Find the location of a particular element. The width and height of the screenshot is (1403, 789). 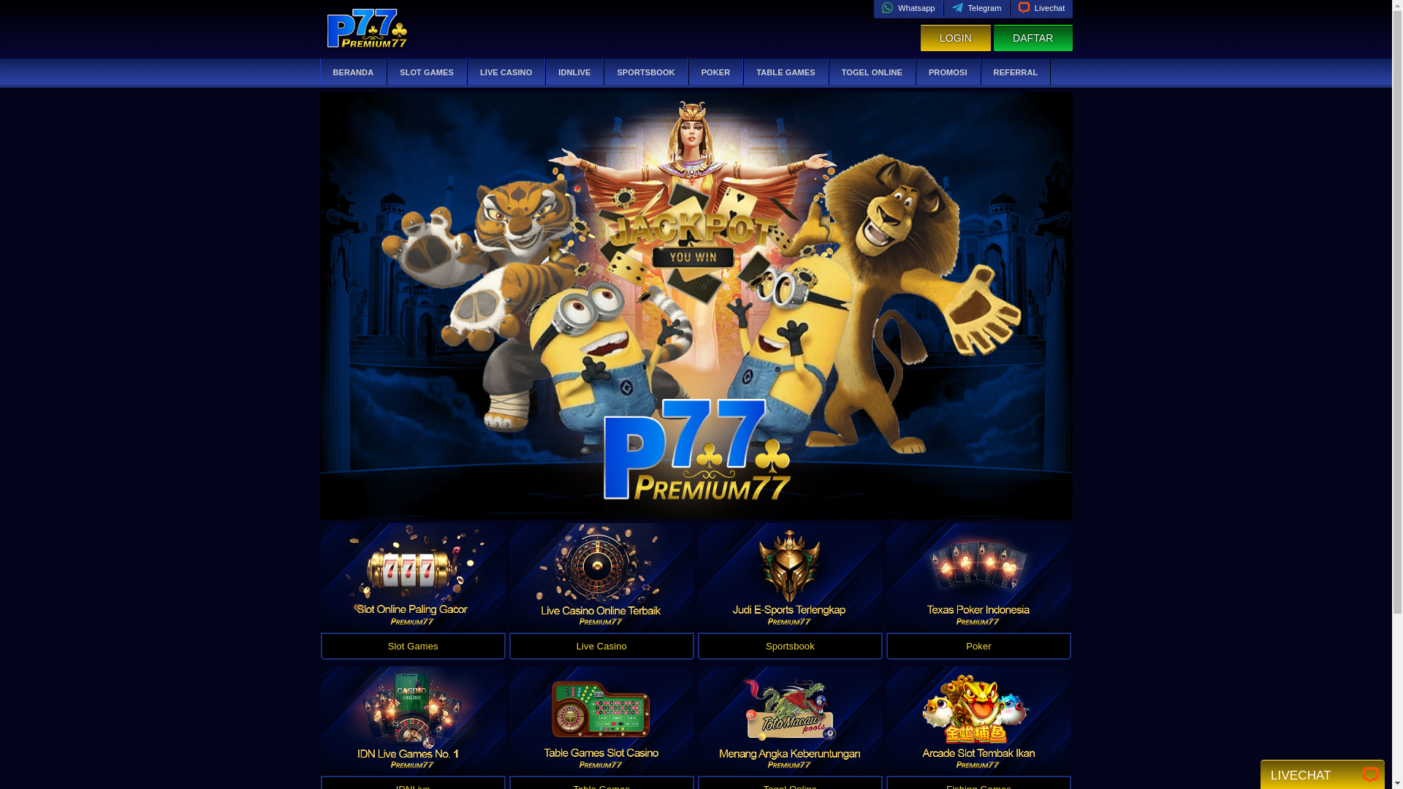

'BERANDA' is located at coordinates (353, 72).